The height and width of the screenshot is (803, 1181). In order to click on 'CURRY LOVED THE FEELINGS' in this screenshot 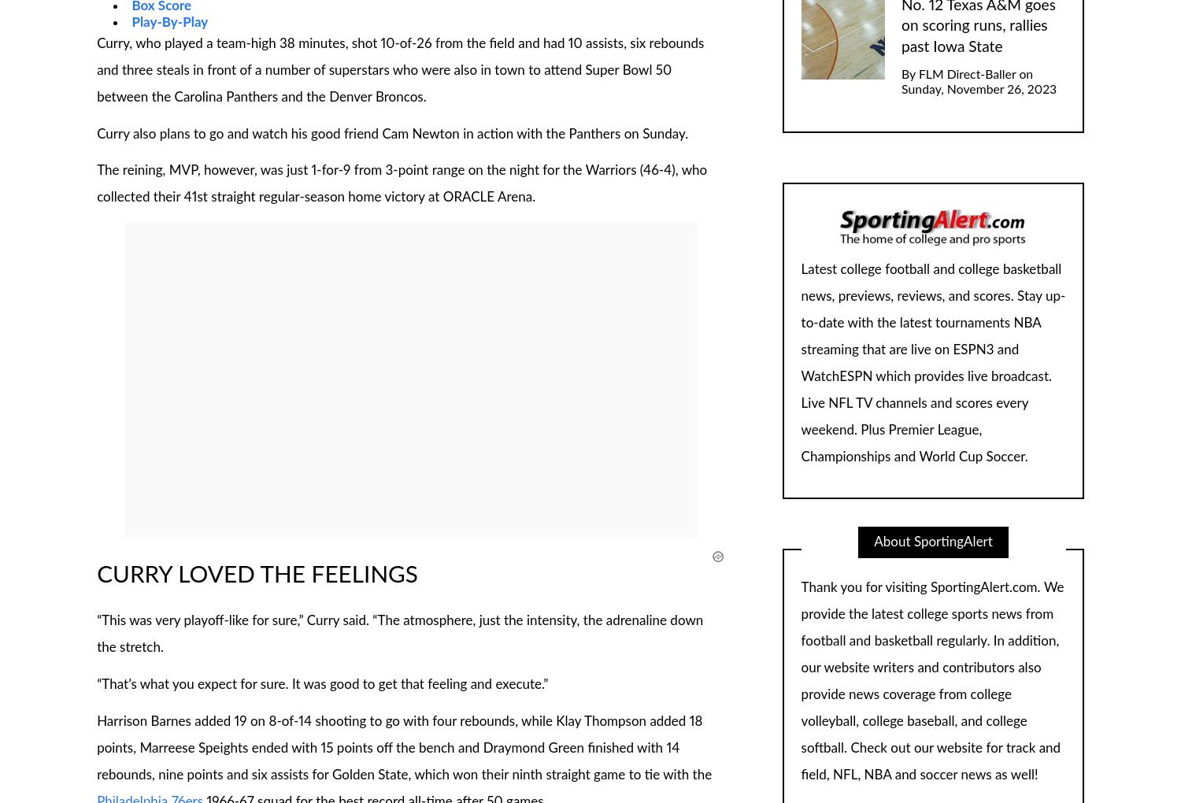, I will do `click(96, 575)`.